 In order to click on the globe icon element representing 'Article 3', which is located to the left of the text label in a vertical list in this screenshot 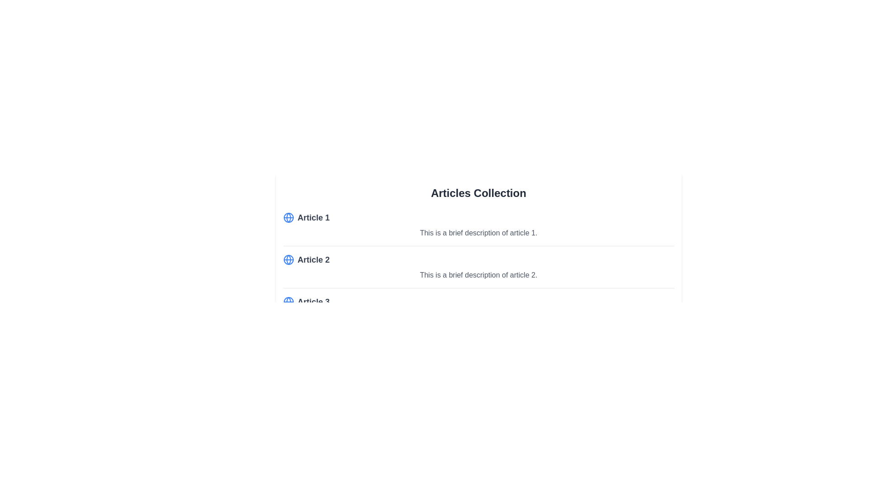, I will do `click(288, 302)`.